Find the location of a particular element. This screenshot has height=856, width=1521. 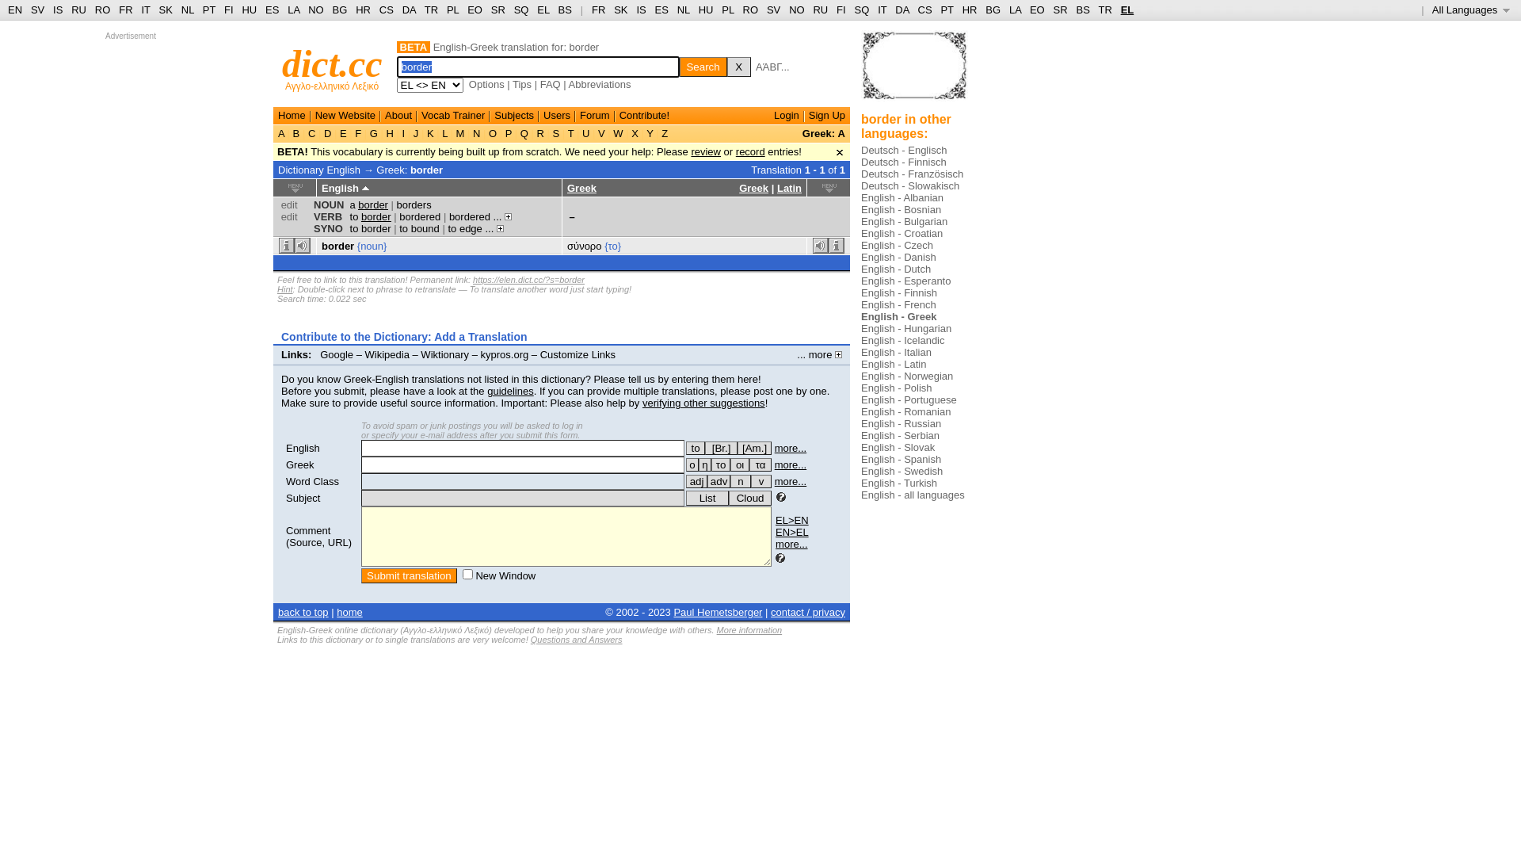

'U' is located at coordinates (585, 132).